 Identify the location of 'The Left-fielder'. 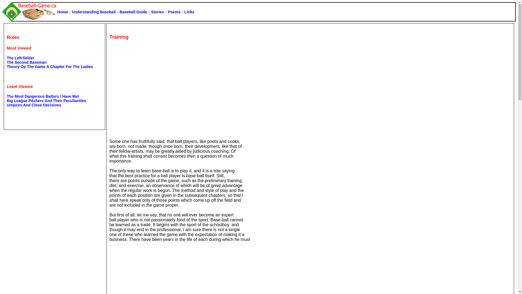
(21, 58).